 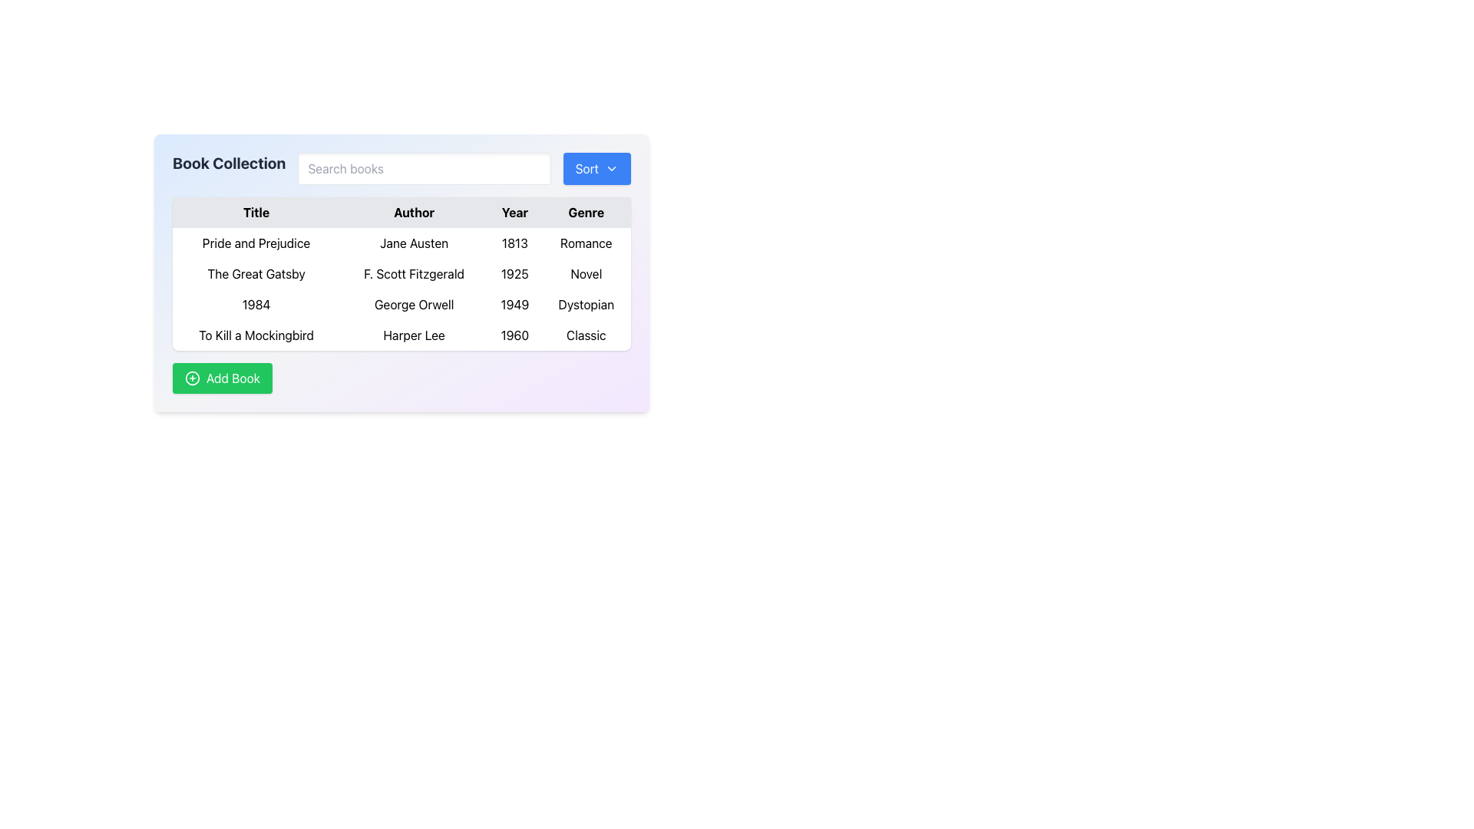 What do you see at coordinates (514, 305) in the screenshot?
I see `the text displaying the year '1949' in the 'Year' column of the book row for copying` at bounding box center [514, 305].